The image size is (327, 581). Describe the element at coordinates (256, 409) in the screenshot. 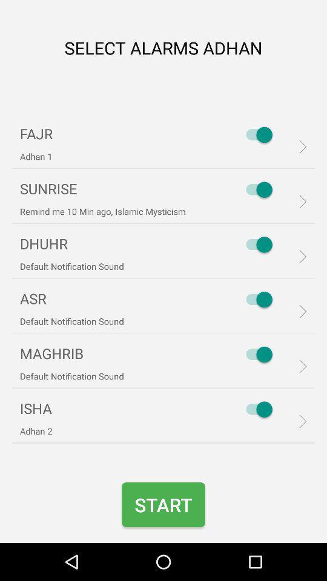

I see `on-off` at that location.